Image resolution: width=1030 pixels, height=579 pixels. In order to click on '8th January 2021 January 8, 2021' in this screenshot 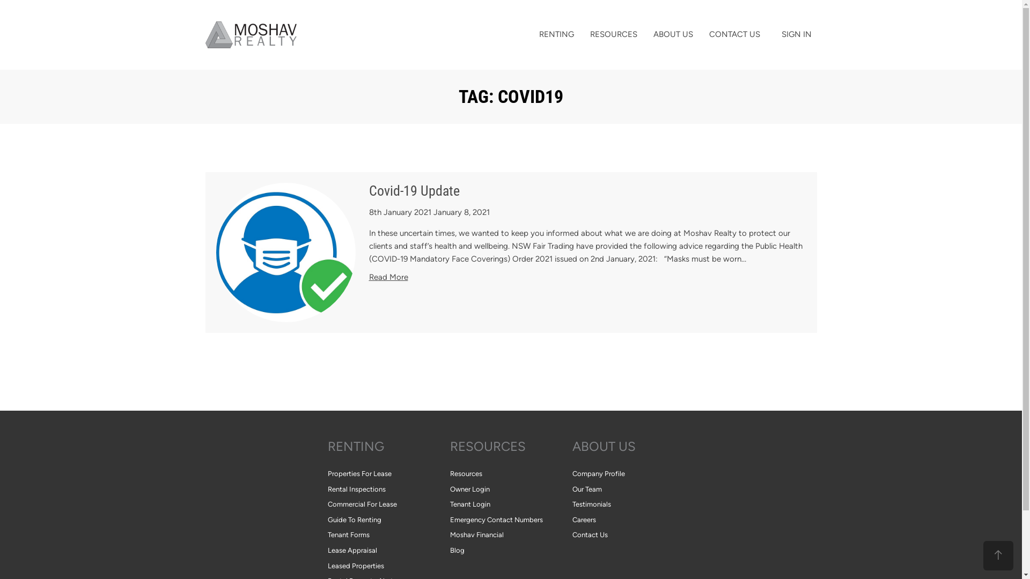, I will do `click(369, 212)`.